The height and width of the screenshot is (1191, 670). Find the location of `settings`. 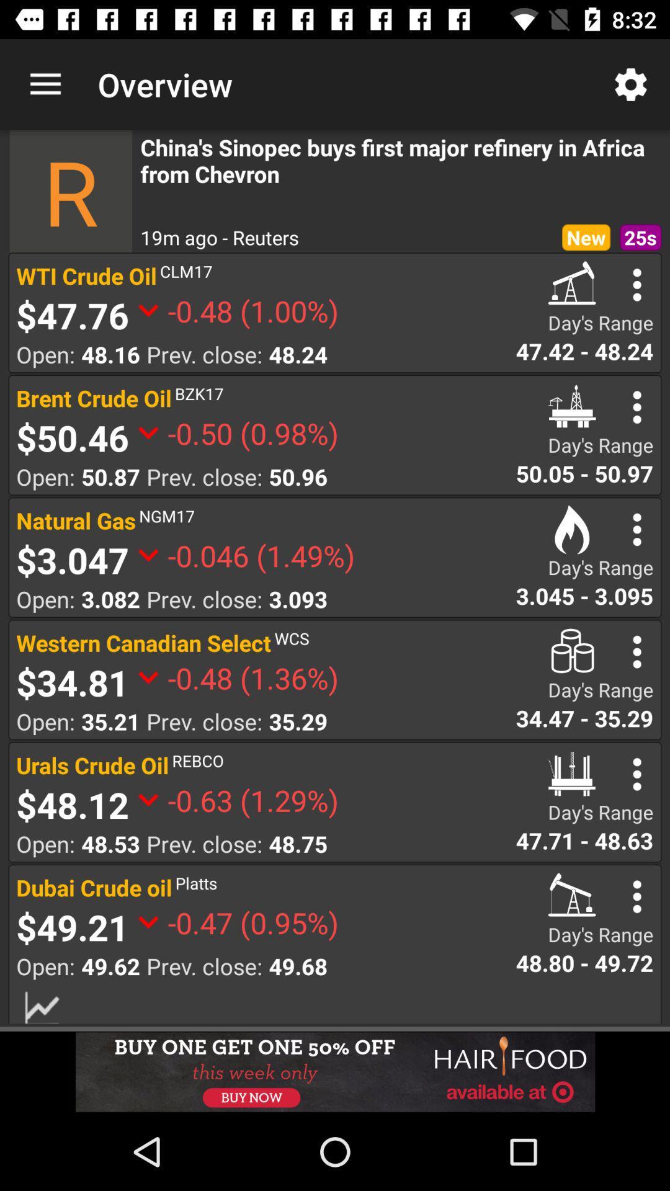

settings is located at coordinates (637, 529).